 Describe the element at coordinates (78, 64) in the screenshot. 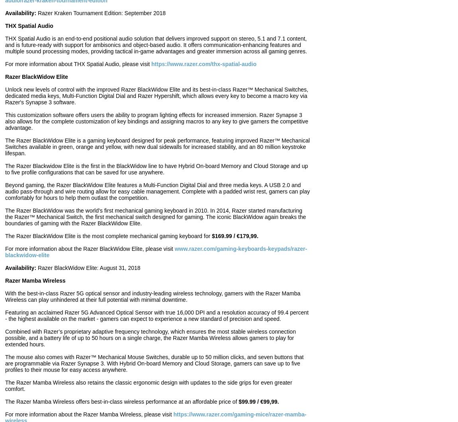

I see `'For more information about THX Spatial Audio, please visit'` at that location.